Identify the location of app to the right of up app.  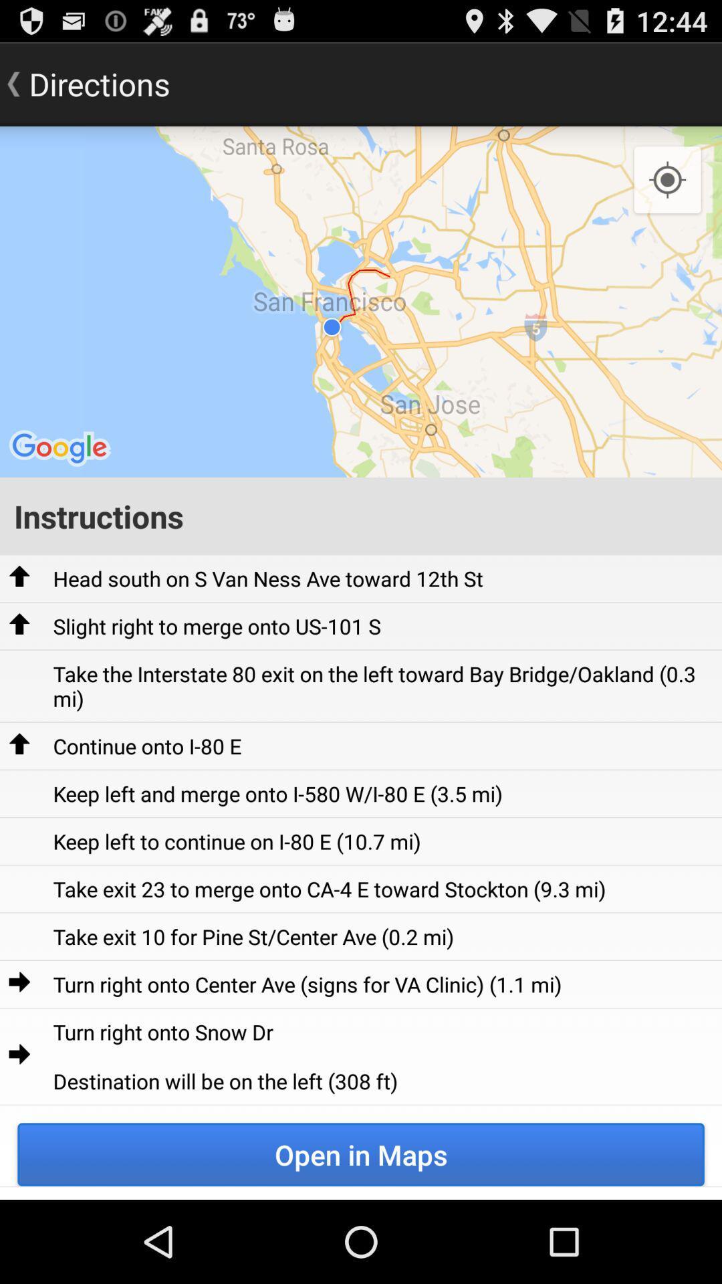
(216, 625).